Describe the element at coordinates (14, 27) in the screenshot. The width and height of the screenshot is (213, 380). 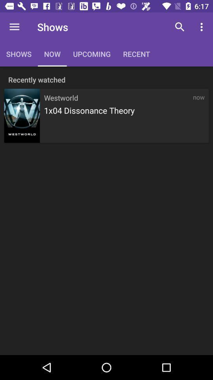
I see `the item next to shows` at that location.